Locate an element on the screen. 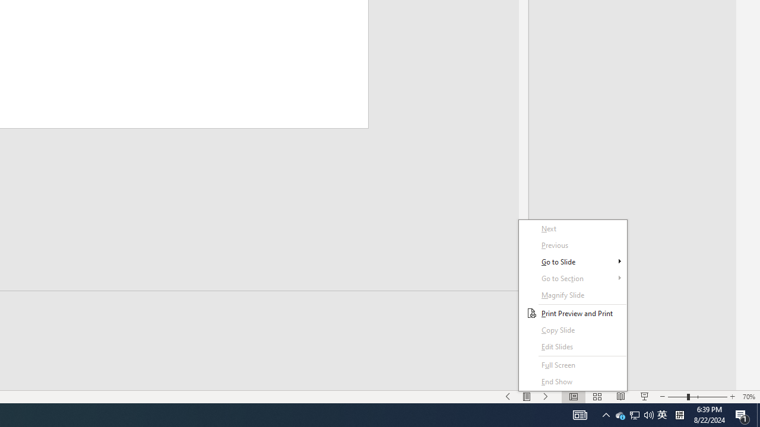  'End Show' is located at coordinates (573, 382).